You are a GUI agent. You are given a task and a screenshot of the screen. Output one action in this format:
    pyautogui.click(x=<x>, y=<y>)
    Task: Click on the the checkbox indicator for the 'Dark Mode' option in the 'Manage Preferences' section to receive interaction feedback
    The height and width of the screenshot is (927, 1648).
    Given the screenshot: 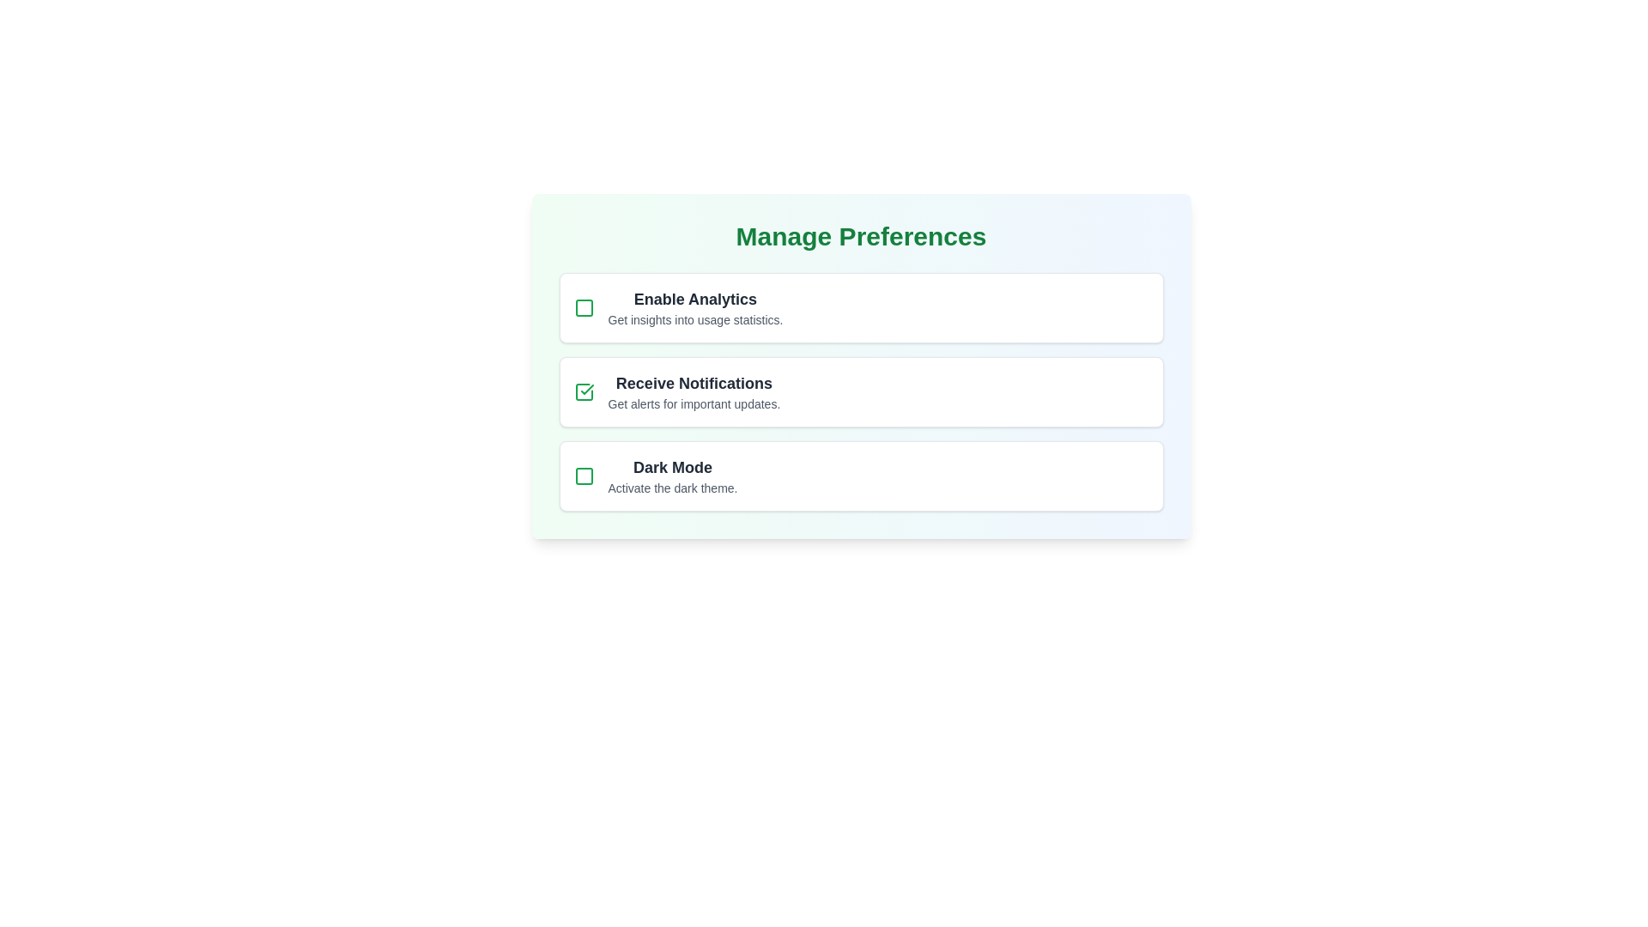 What is the action you would take?
    pyautogui.click(x=584, y=476)
    